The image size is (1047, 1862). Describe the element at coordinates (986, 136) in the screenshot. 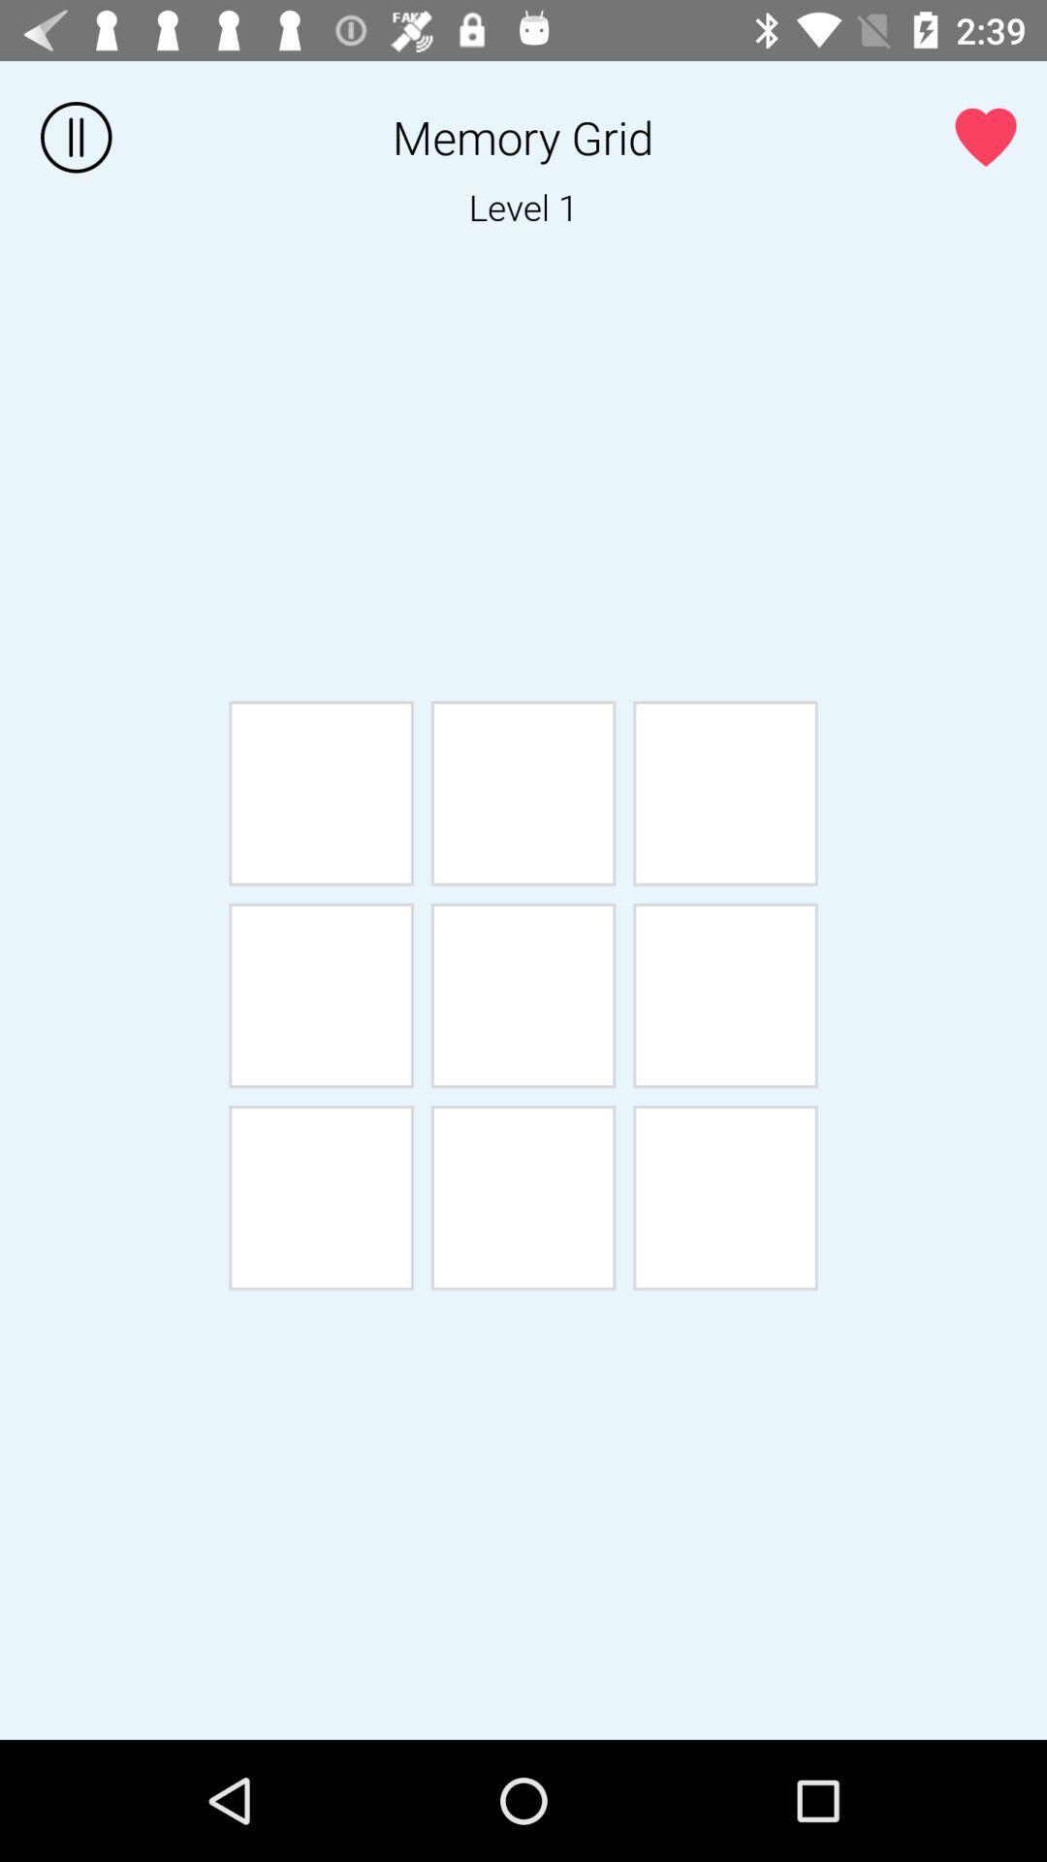

I see `love icon at the top` at that location.